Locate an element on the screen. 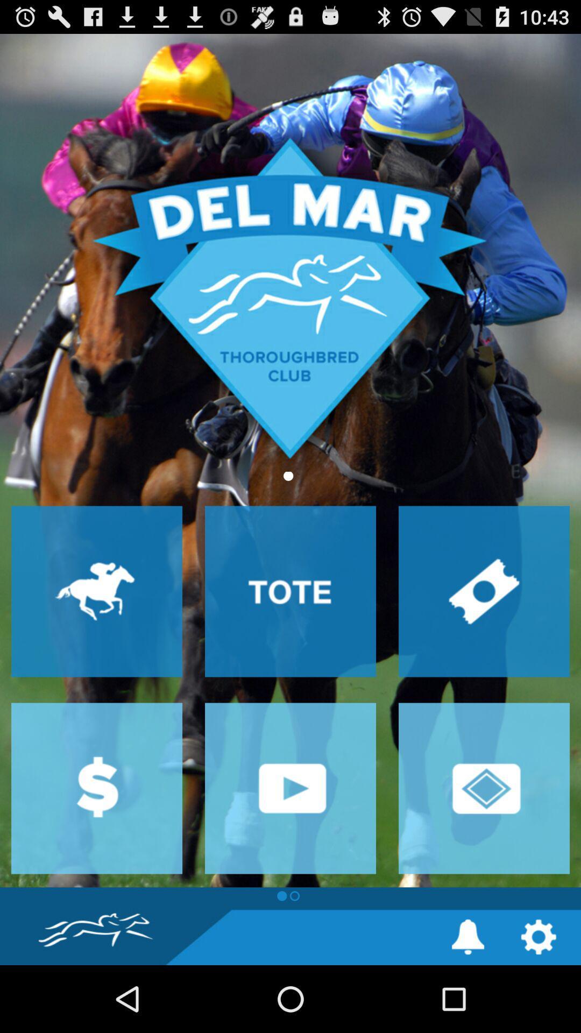  this button in play key is located at coordinates (290, 788).